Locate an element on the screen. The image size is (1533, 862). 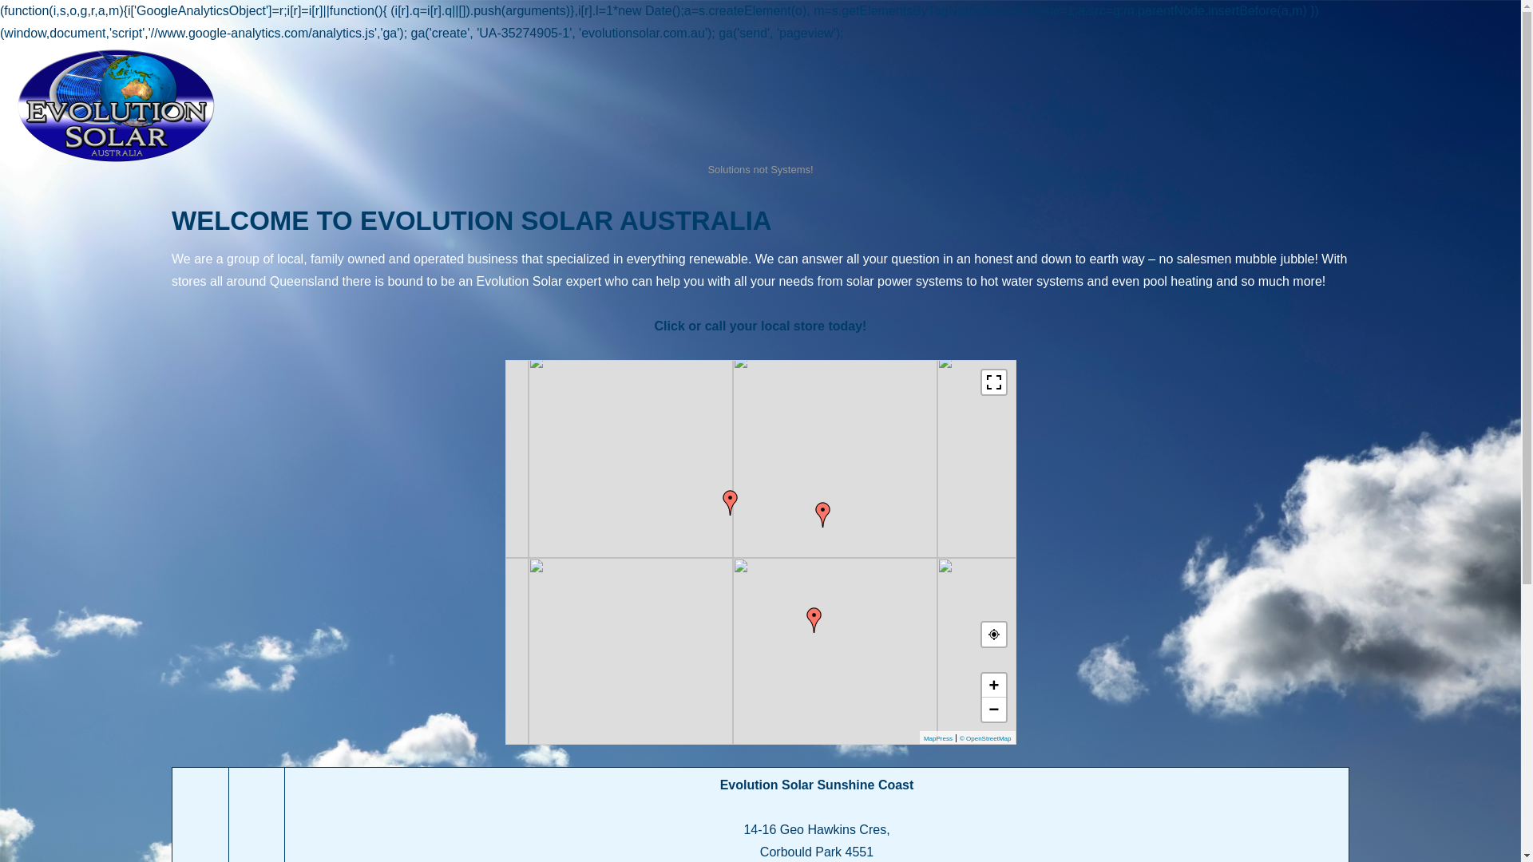
'Toggle fullscreen view' is located at coordinates (992, 382).